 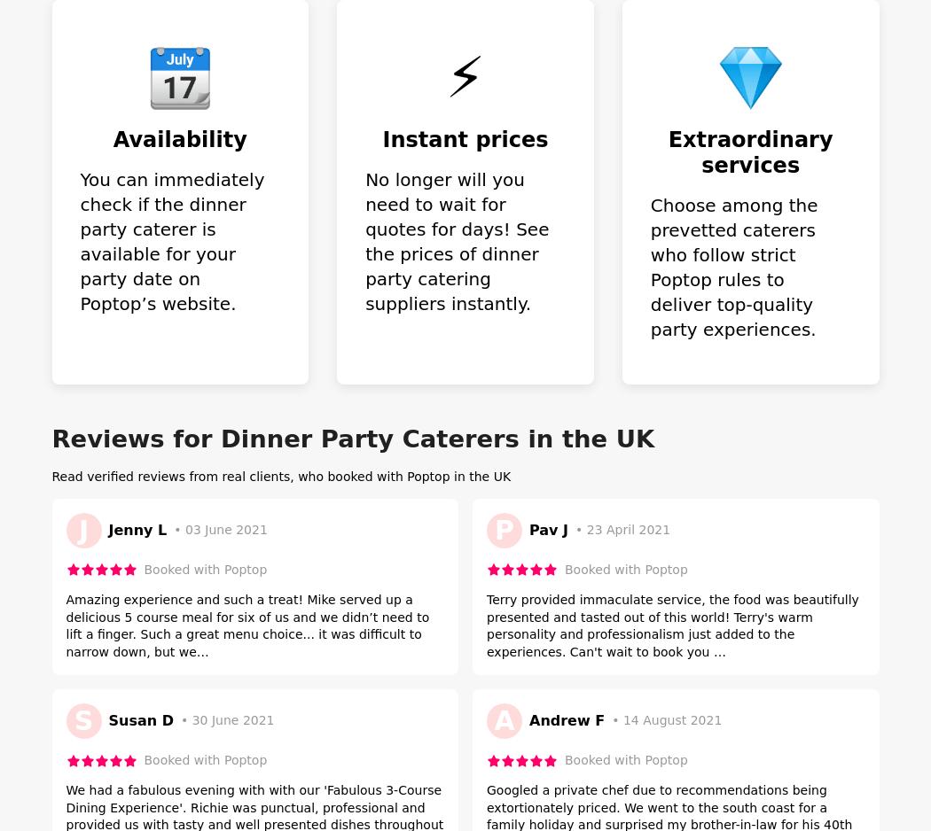 What do you see at coordinates (503, 720) in the screenshot?
I see `'A'` at bounding box center [503, 720].